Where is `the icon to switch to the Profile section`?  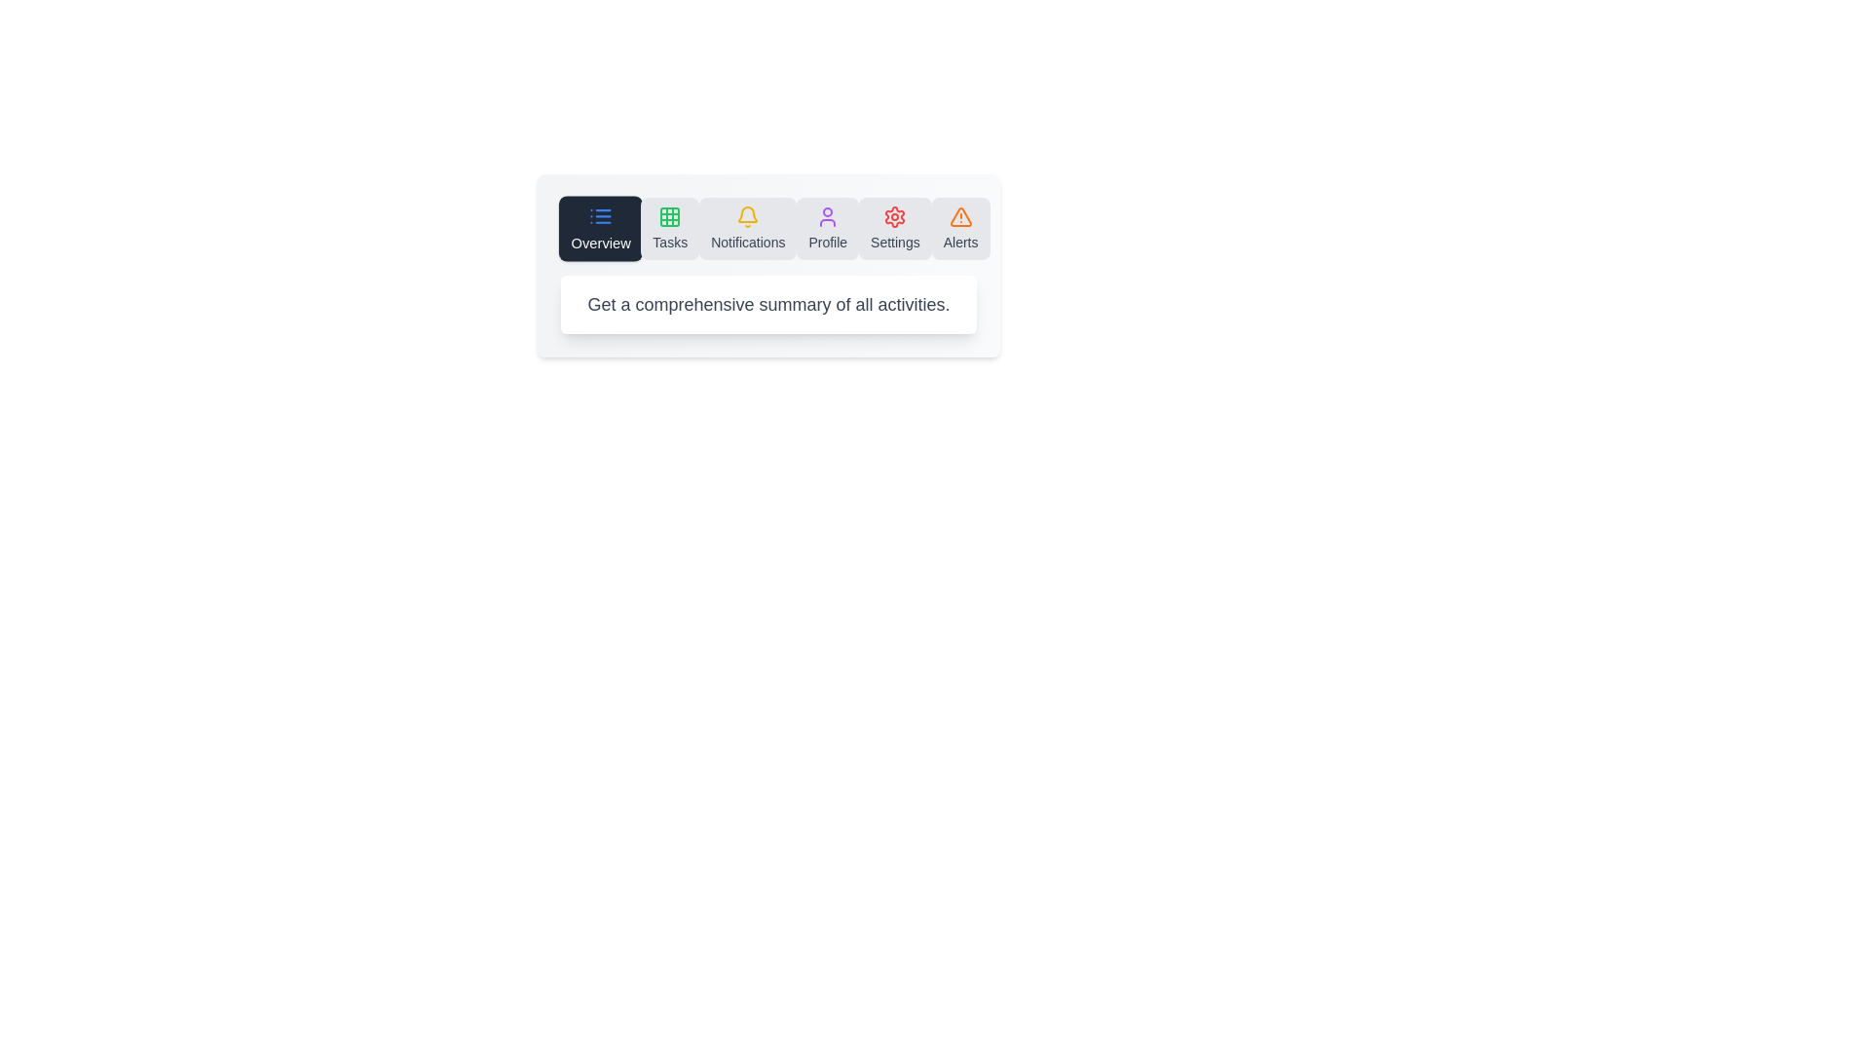 the icon to switch to the Profile section is located at coordinates (827, 228).